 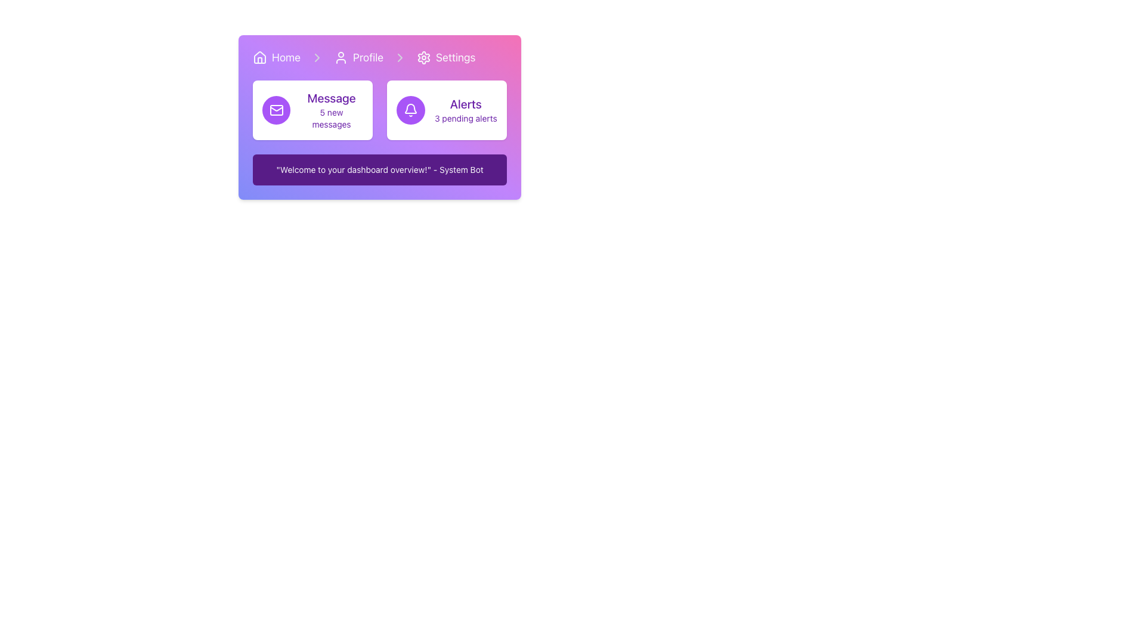 I want to click on the second text component within the 'Alerts' card that indicates the number of pending alerts, so click(x=465, y=119).